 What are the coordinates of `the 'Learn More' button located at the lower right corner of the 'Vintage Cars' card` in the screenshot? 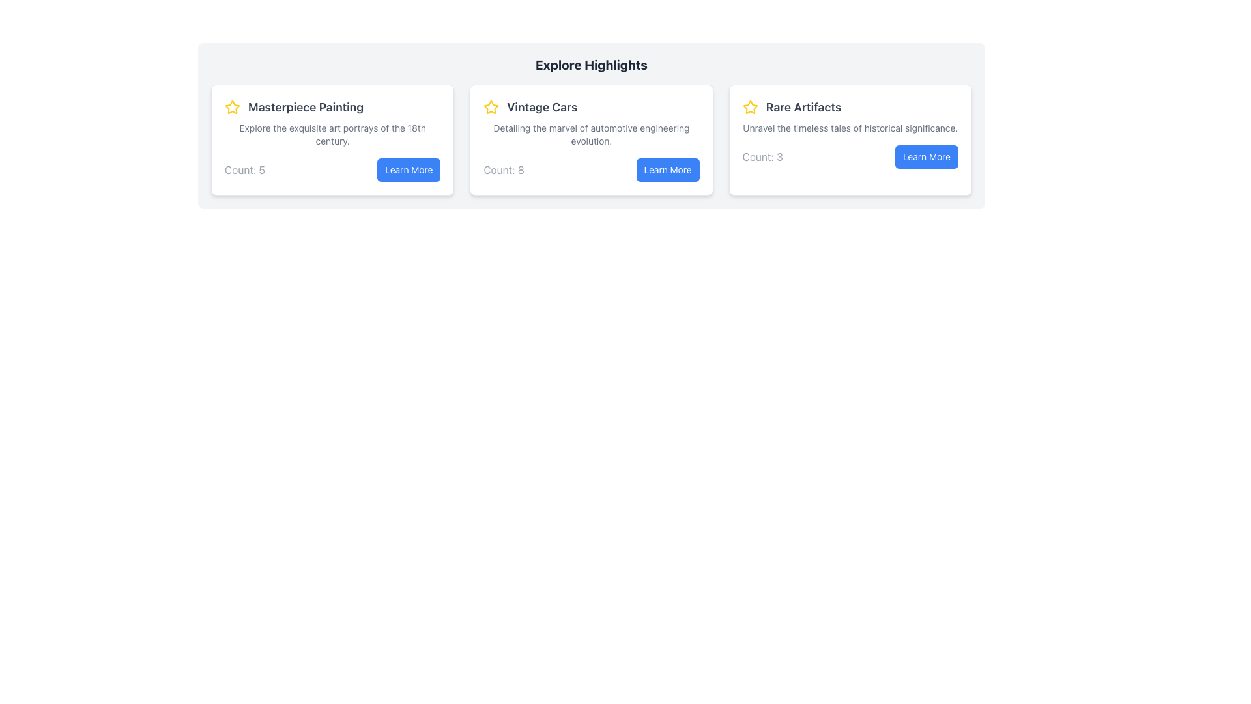 It's located at (668, 169).